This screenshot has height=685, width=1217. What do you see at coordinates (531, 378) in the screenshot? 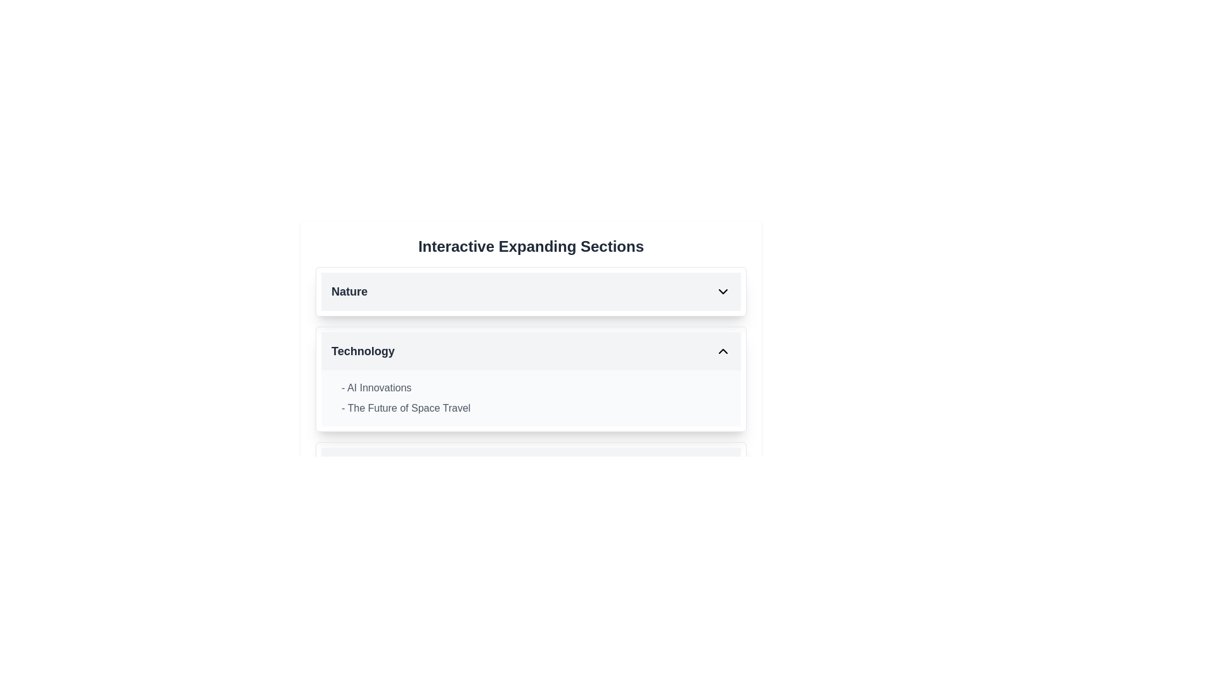
I see `the second collapsible section related to 'Technology'` at bounding box center [531, 378].